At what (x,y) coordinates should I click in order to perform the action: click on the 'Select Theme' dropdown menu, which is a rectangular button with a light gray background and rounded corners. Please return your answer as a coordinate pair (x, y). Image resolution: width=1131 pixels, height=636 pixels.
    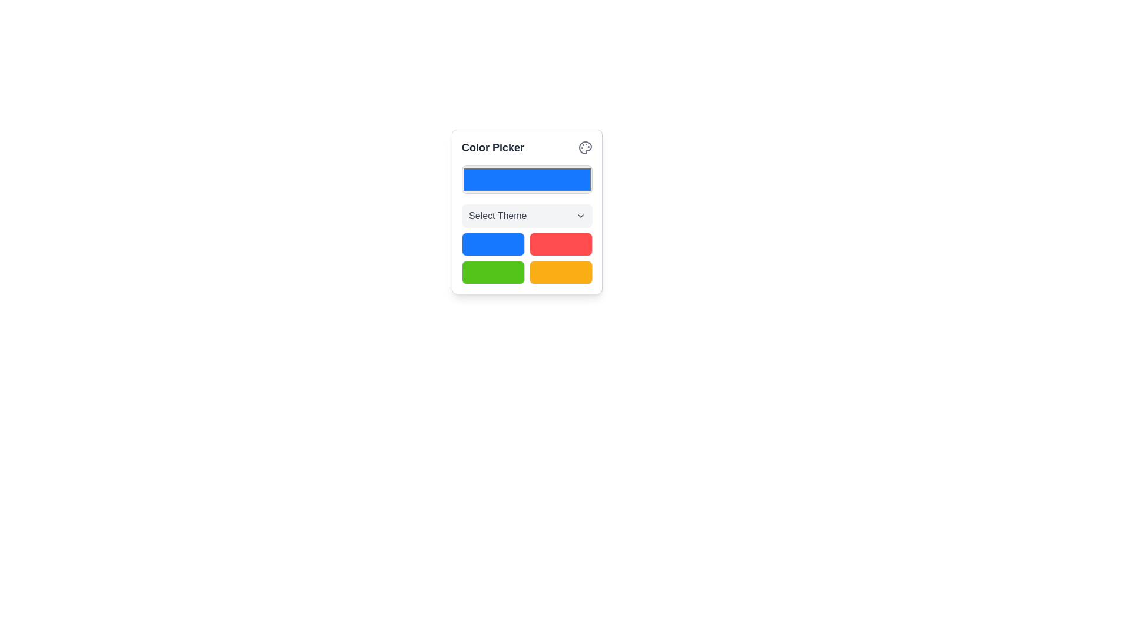
    Looking at the image, I should click on (526, 216).